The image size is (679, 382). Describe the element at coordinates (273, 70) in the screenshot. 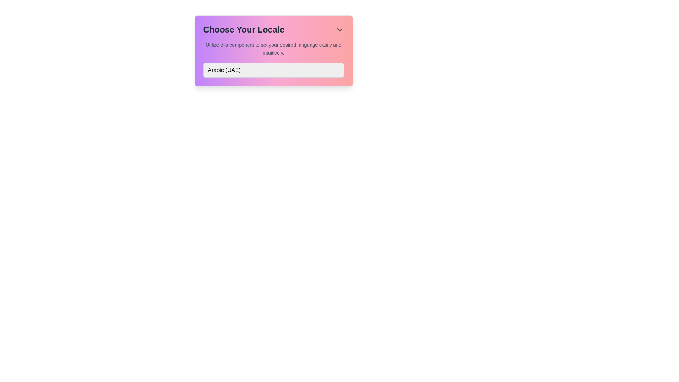

I see `an option from the dropdown menu located below the title 'Choose Your Locale' and the description 'Utilize this component to set your desired language easily and intuitively.'` at that location.